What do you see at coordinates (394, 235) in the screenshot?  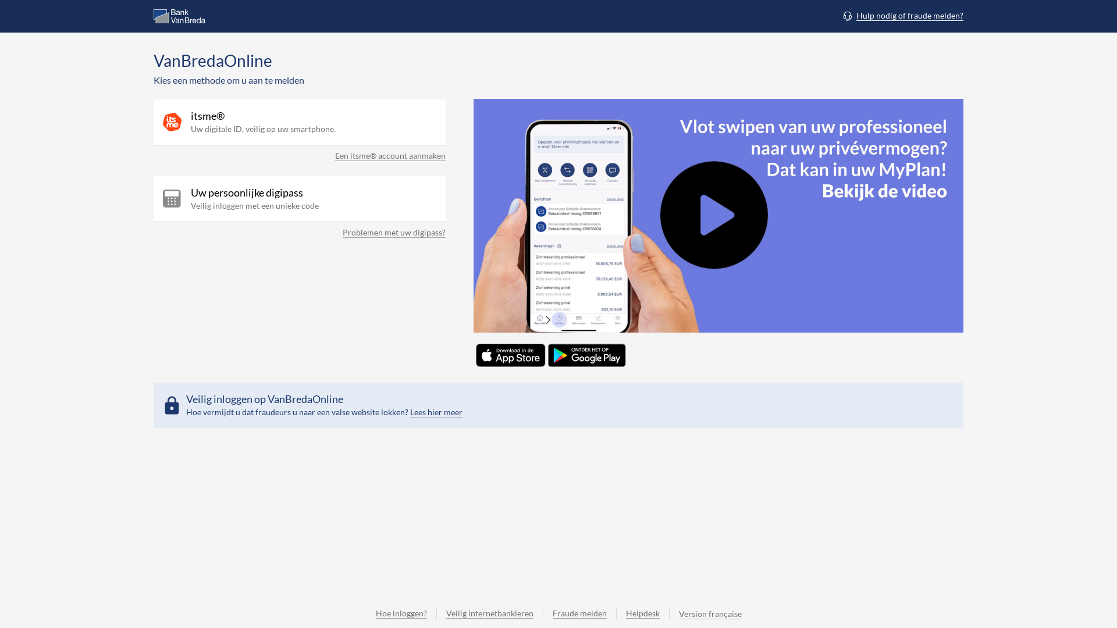 I see `'Problemen met uw digipass?'` at bounding box center [394, 235].